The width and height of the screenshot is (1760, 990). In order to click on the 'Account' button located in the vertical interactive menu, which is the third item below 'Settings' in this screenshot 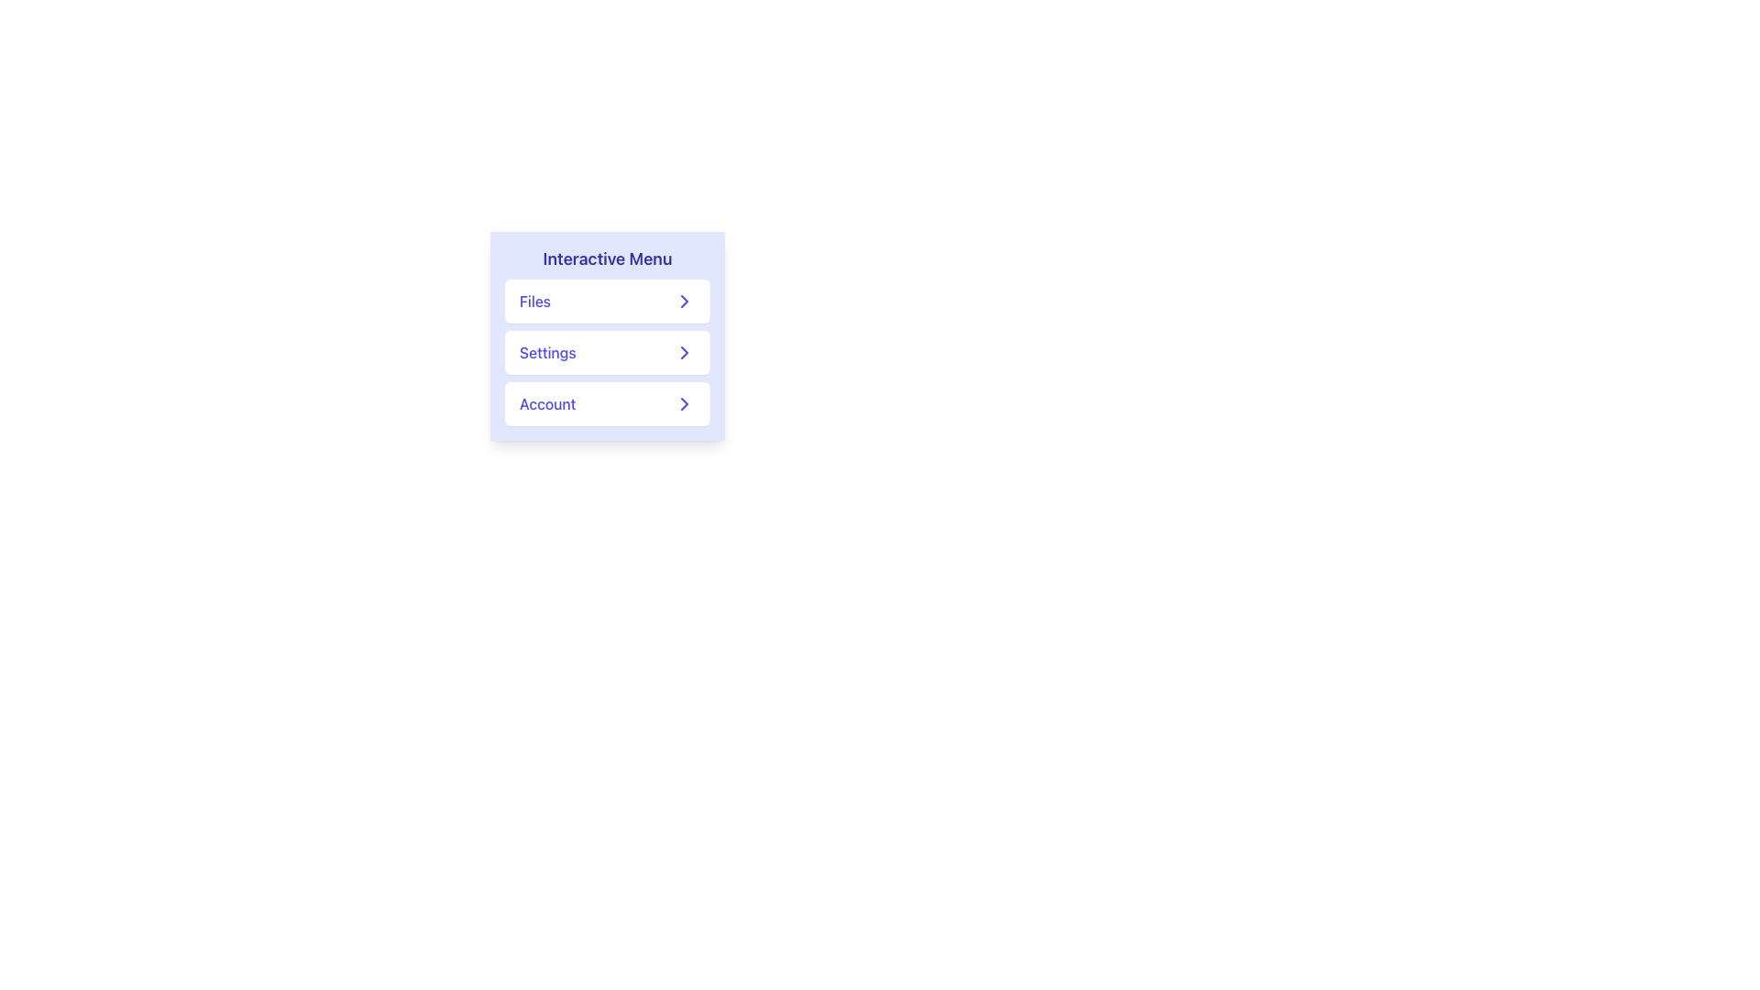, I will do `click(607, 402)`.